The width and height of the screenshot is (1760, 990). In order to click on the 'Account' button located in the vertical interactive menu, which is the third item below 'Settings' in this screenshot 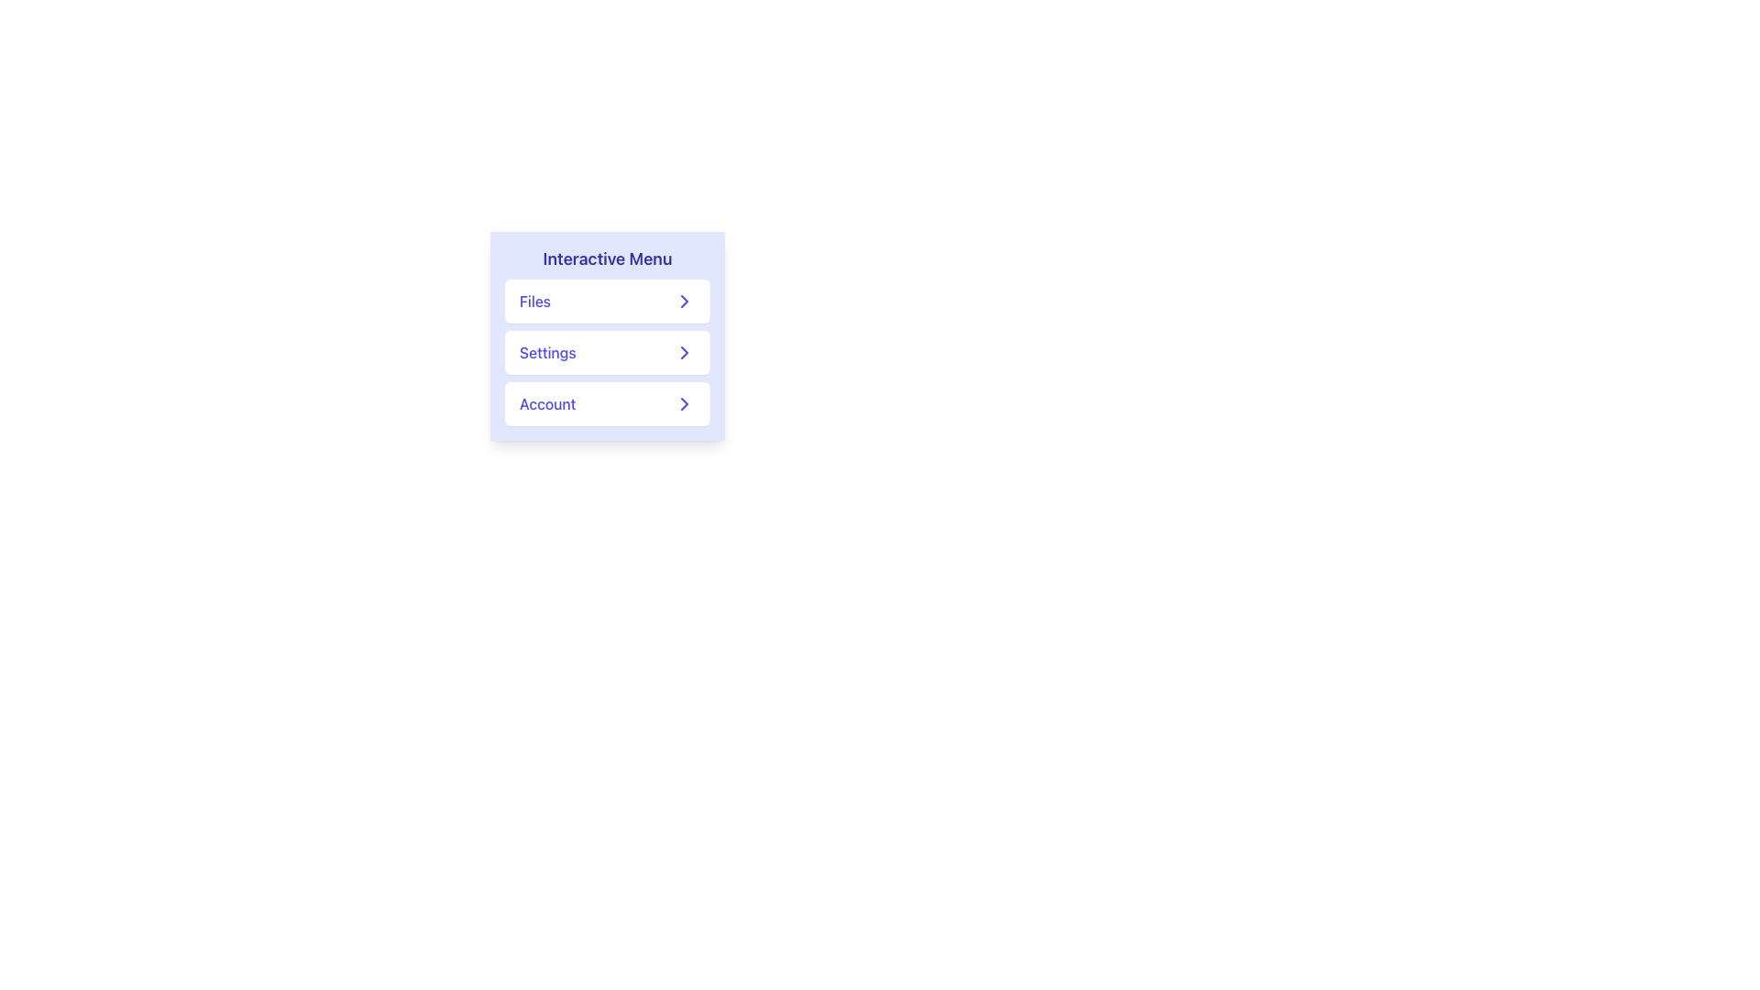, I will do `click(607, 402)`.